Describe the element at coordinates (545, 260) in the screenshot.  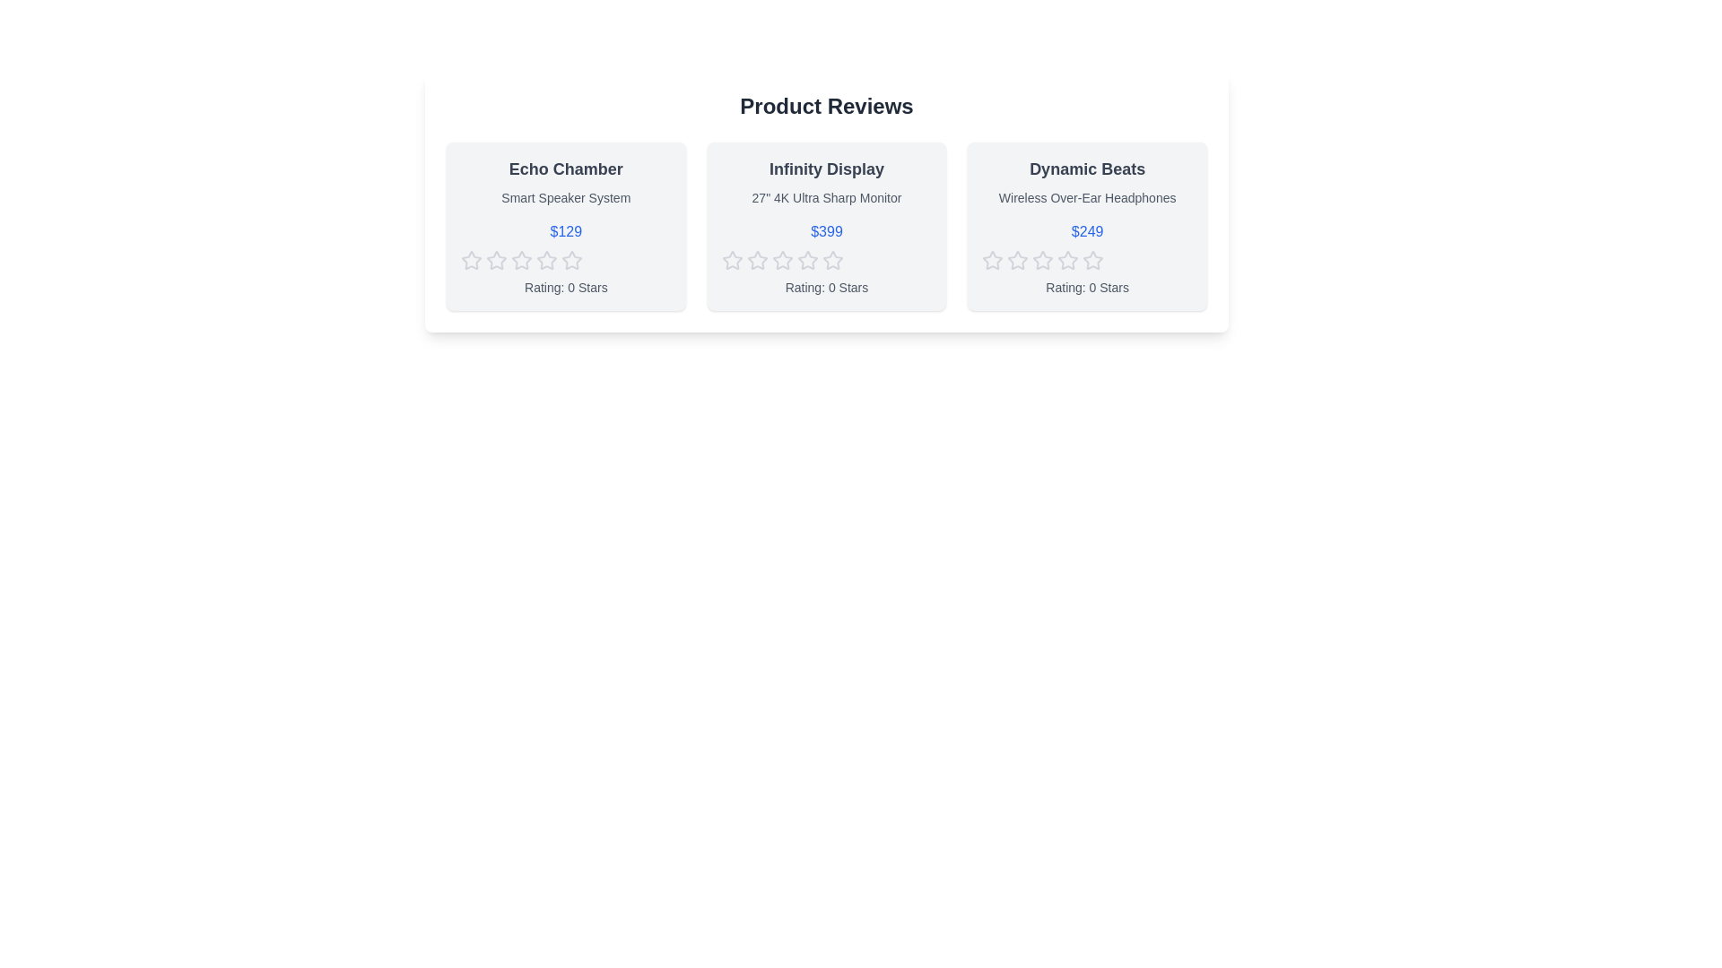
I see `the fifth star icon in the rating component to rate the product 'Echo Chamber'` at that location.